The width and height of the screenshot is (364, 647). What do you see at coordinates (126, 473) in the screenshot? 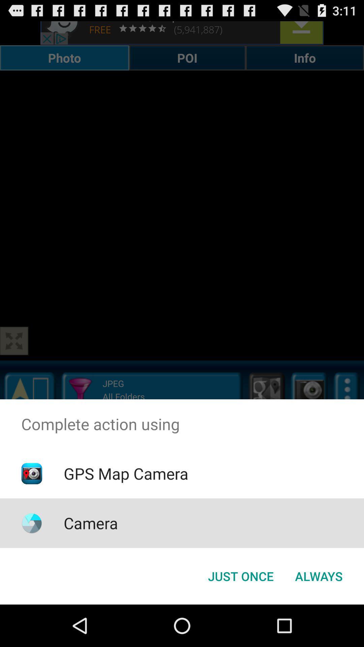
I see `the gps map camera` at bounding box center [126, 473].